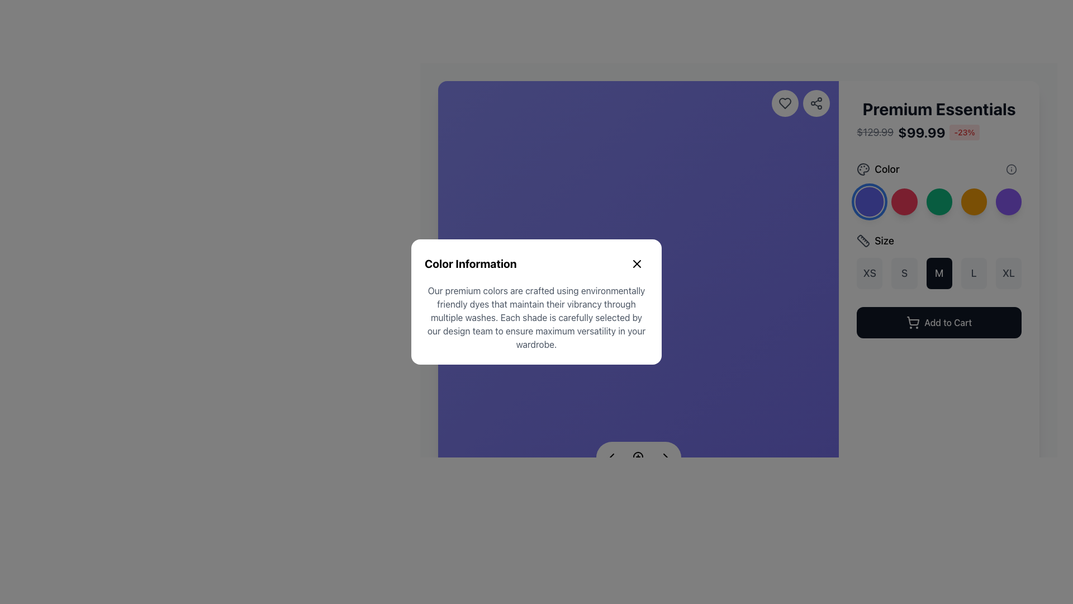 This screenshot has height=604, width=1073. Describe the element at coordinates (877, 169) in the screenshot. I see `the 'Color' label with the palette-shaped icon` at that location.